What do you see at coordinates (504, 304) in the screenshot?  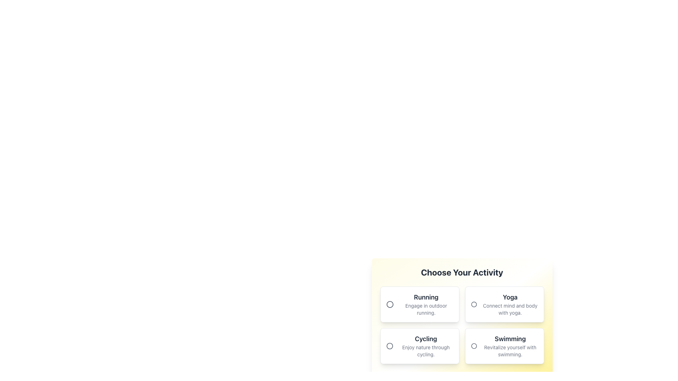 I see `the second selectable card in the grid, which represents the yoga activity option` at bounding box center [504, 304].